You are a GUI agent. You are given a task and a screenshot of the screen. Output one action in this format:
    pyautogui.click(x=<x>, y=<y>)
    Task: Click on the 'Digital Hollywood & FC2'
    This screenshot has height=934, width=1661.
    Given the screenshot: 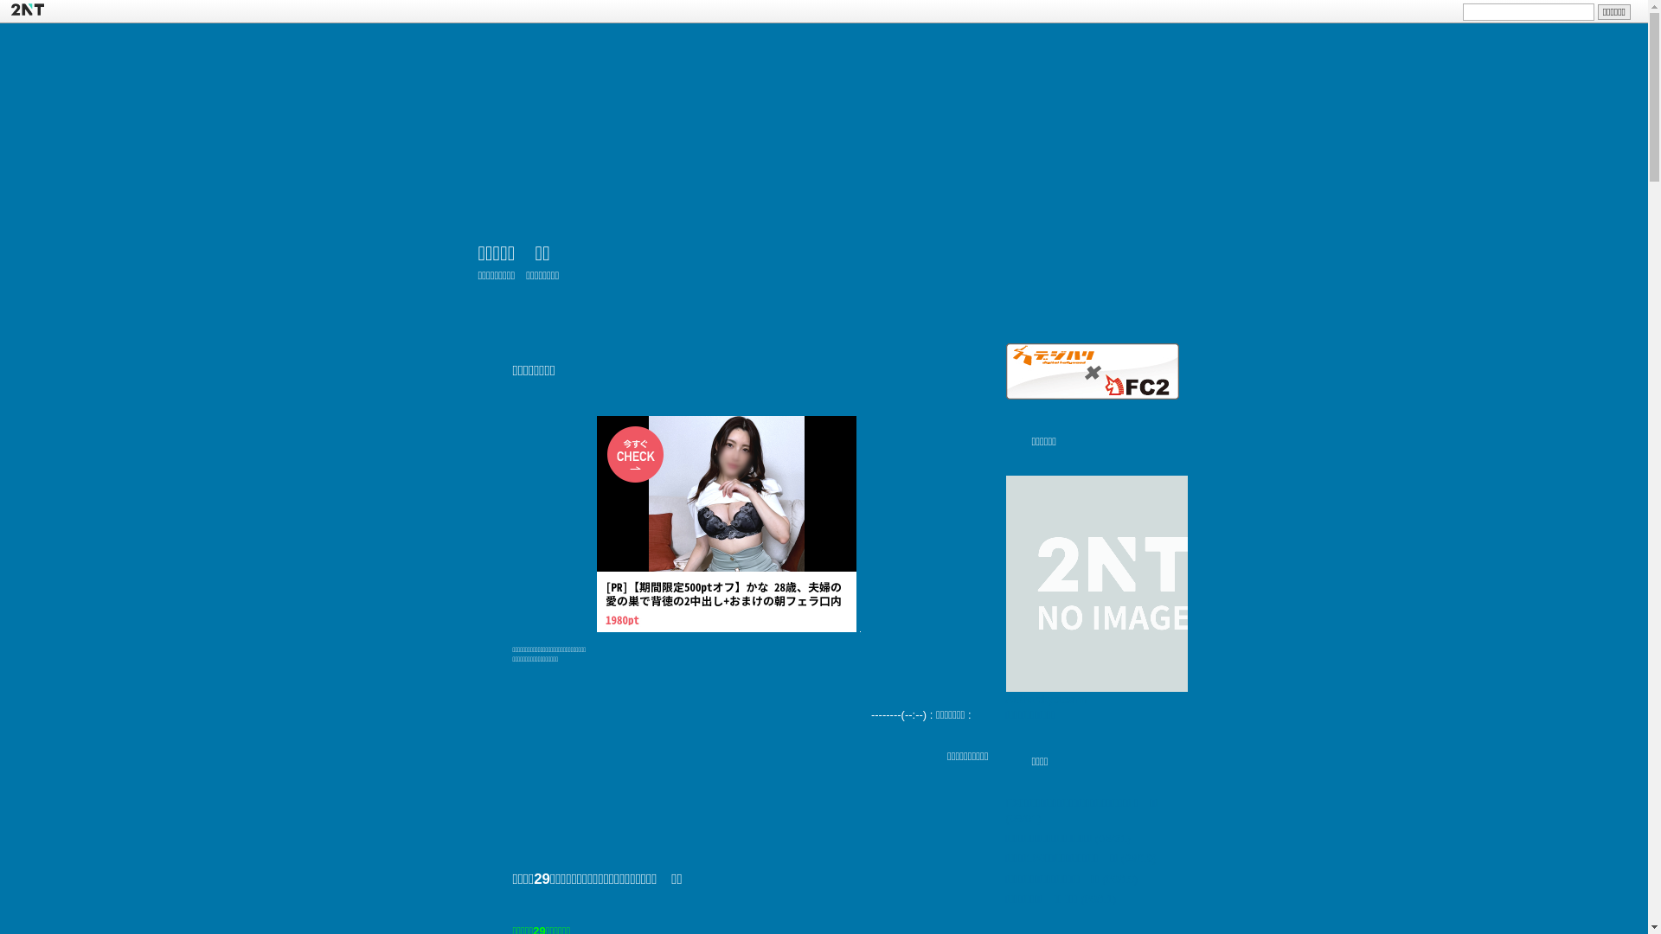 What is the action you would take?
    pyautogui.click(x=1004, y=370)
    